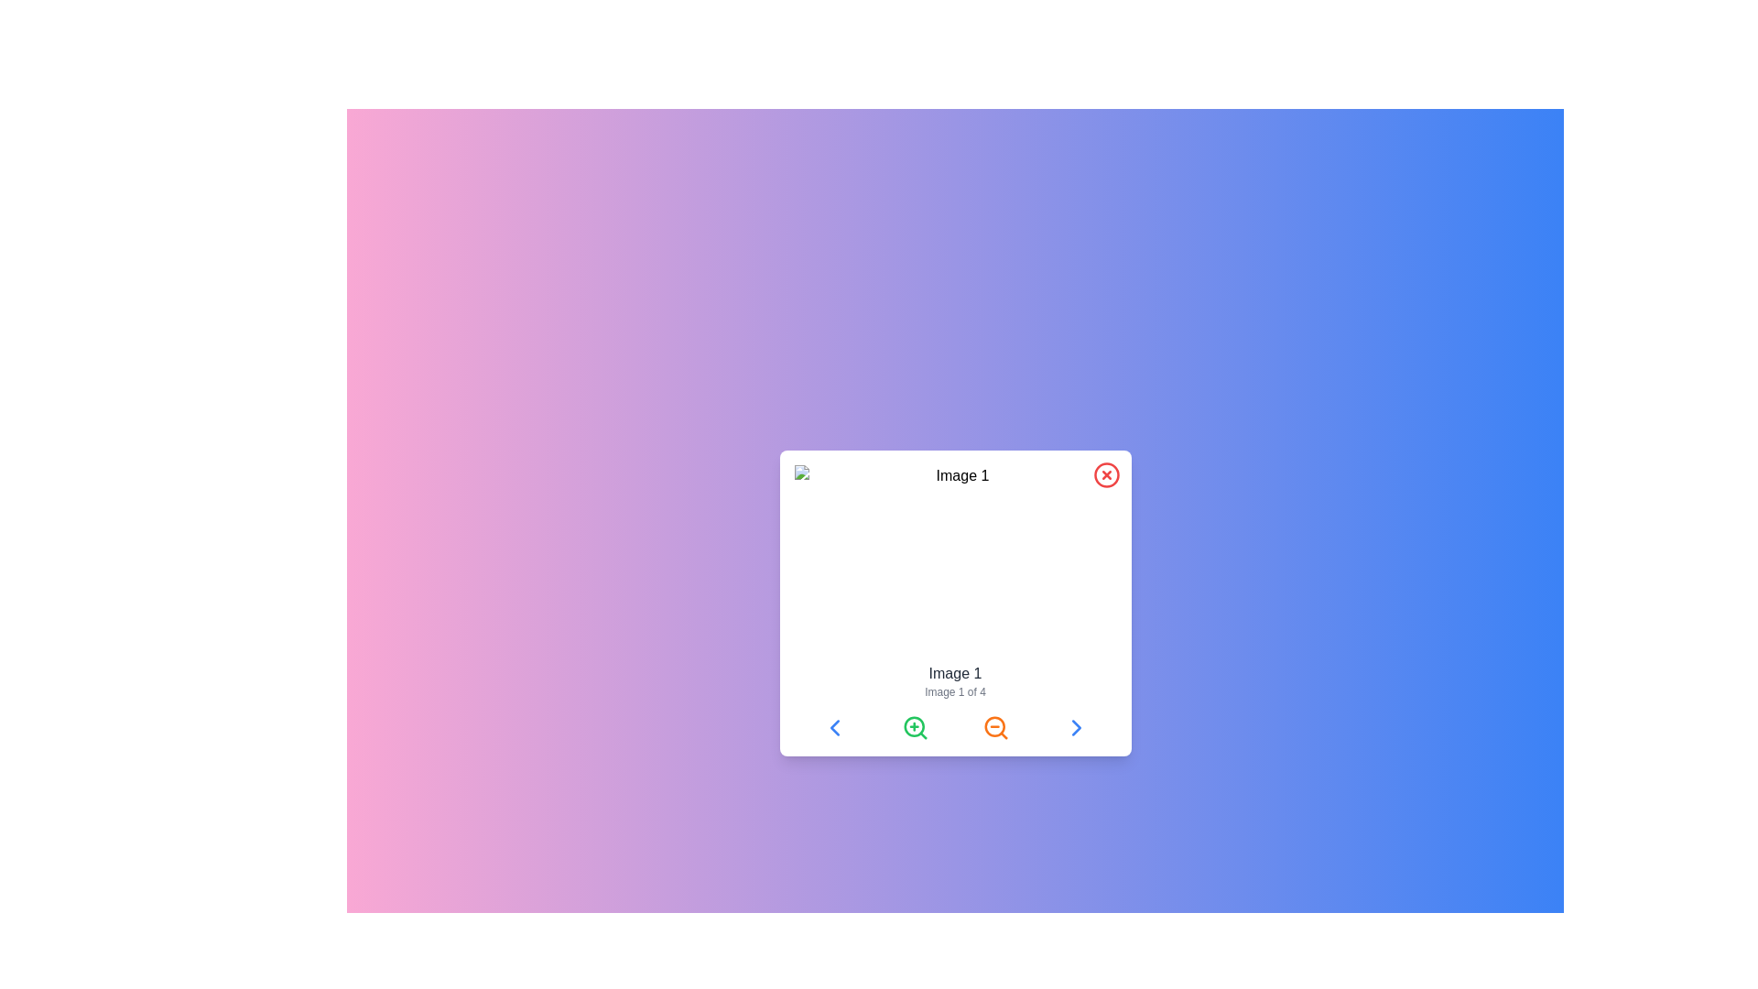  What do you see at coordinates (915, 726) in the screenshot?
I see `the zoom-in button located centrally at the bottom of the dialog box` at bounding box center [915, 726].